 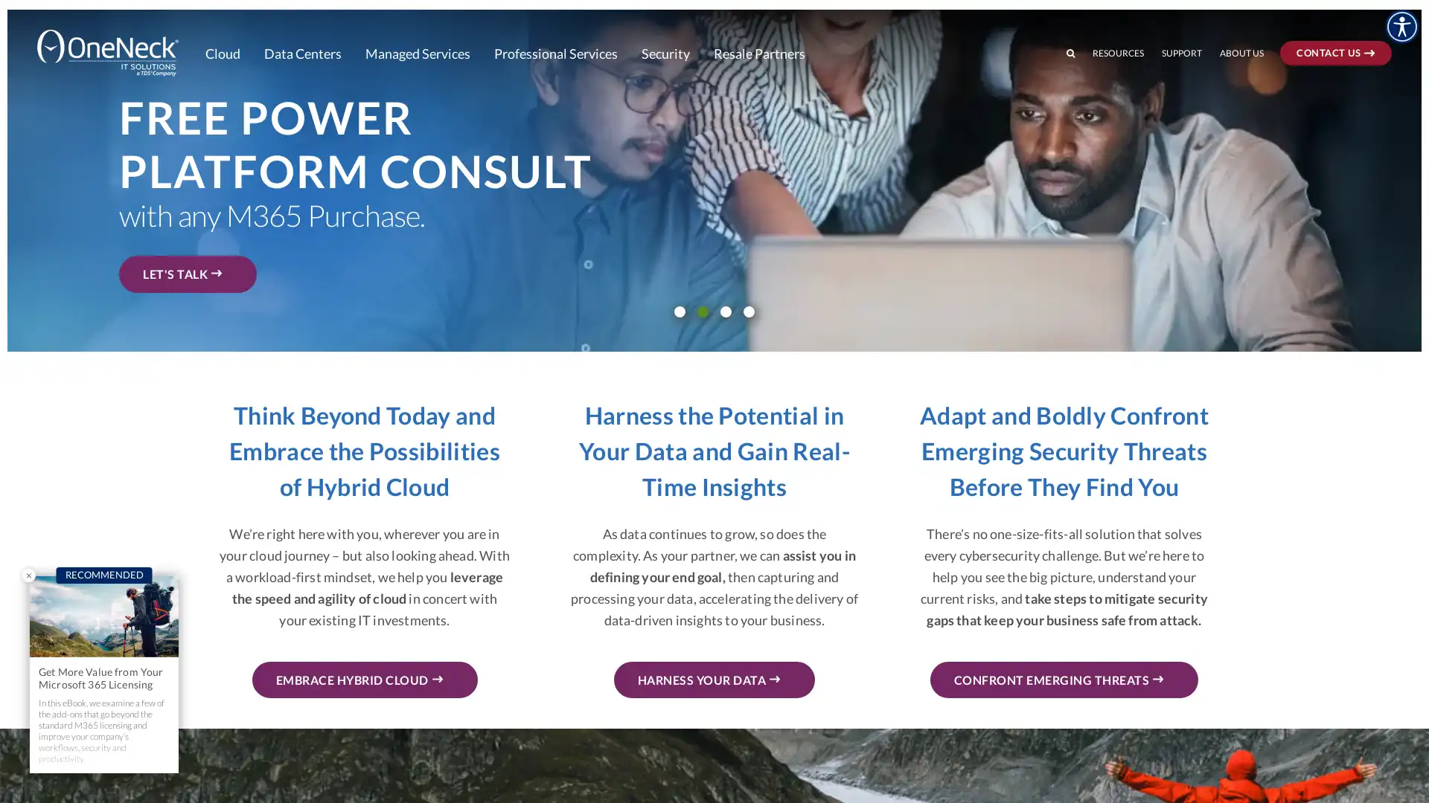 What do you see at coordinates (1063, 680) in the screenshot?
I see `CONFRONT EMERGING THREATS` at bounding box center [1063, 680].